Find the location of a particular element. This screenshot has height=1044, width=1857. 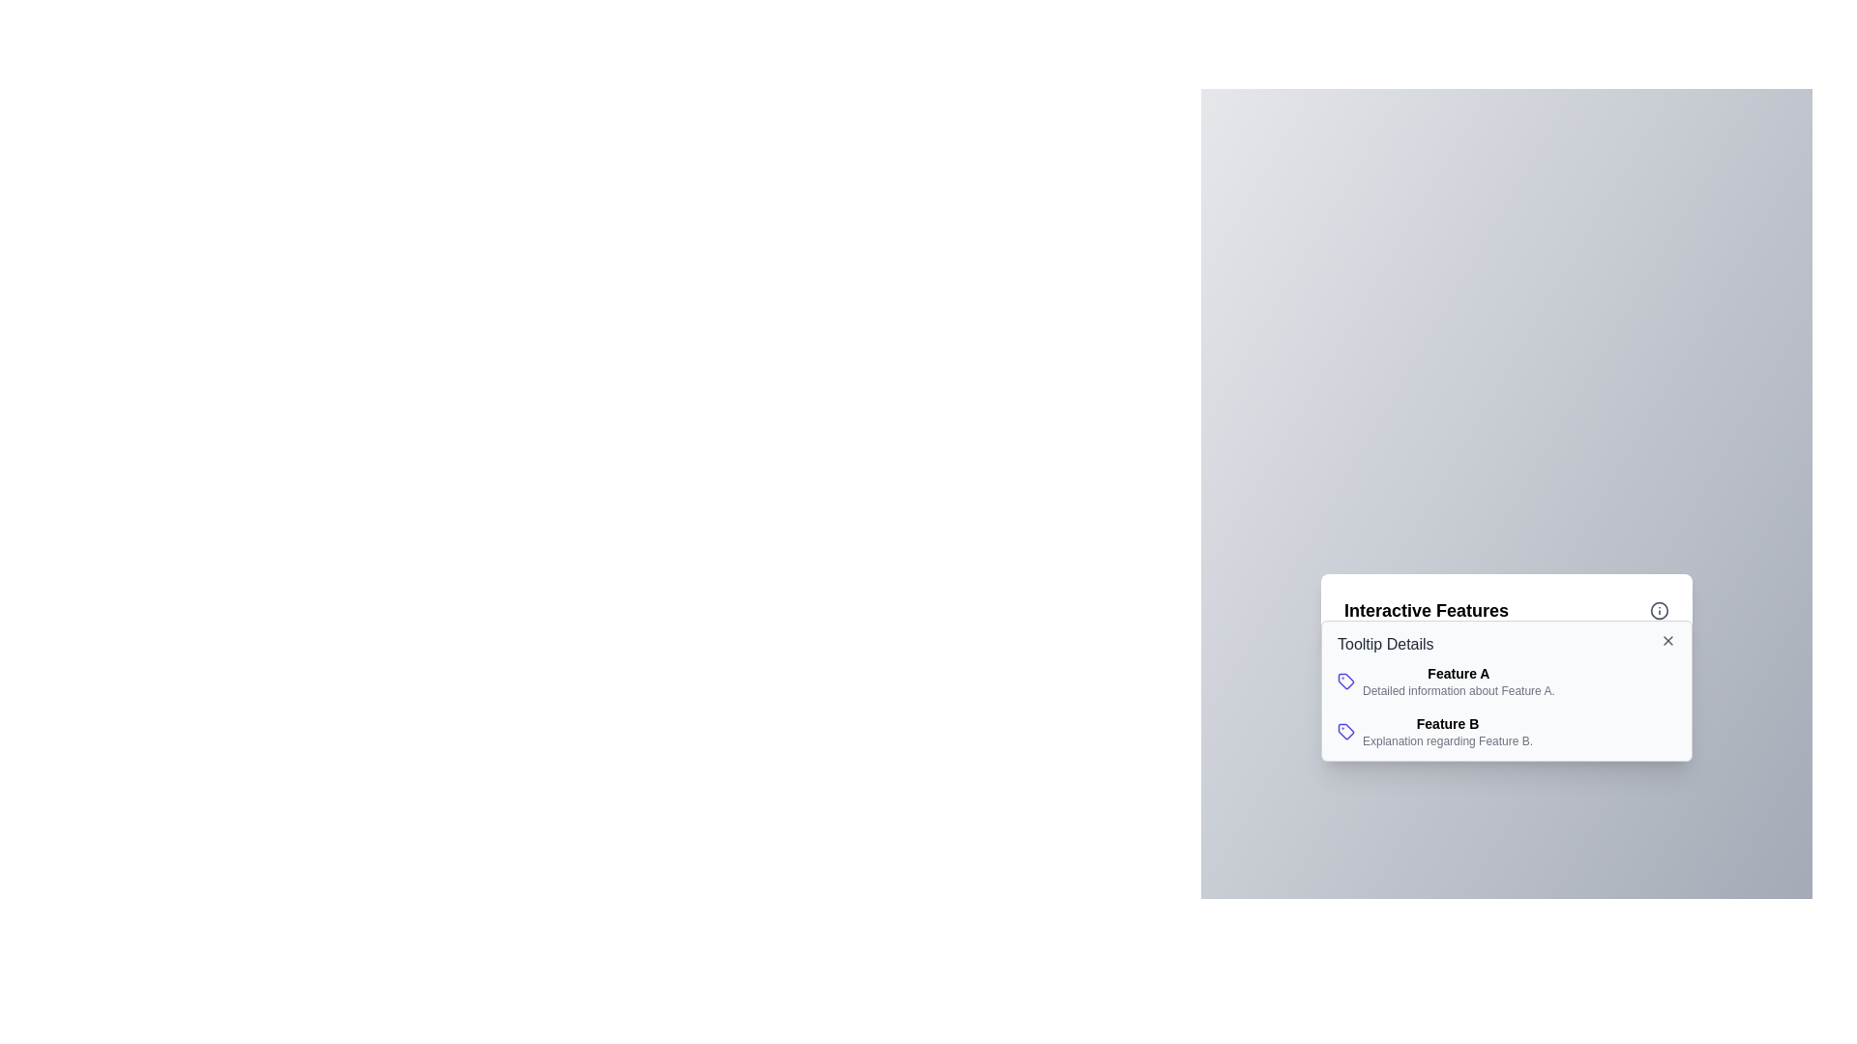

information presented in the tooltip content section that displays details about 'Feature A' and 'Feature B', located within the tooltip interface titled 'Interactive Features' is located at coordinates (1506, 707).